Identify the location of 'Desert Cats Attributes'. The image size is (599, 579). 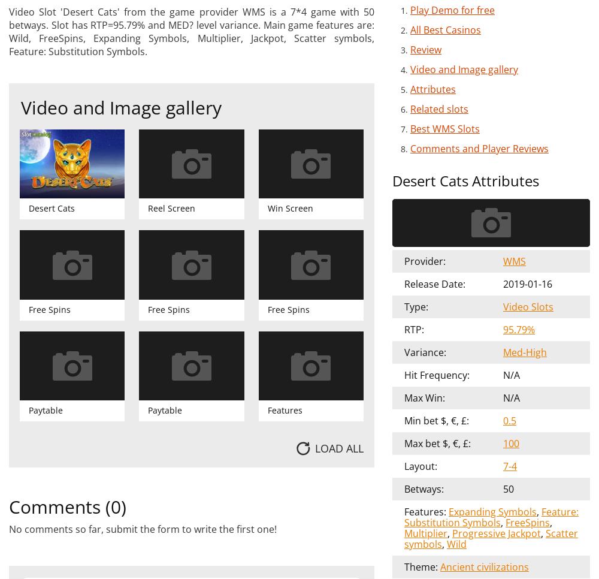
(465, 179).